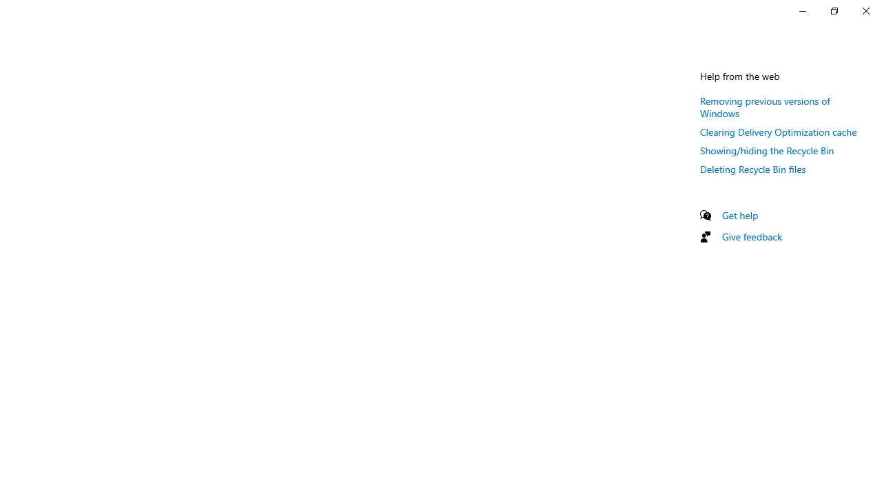 The image size is (882, 496). What do you see at coordinates (752, 168) in the screenshot?
I see `'Deleting Recycle Bin files'` at bounding box center [752, 168].